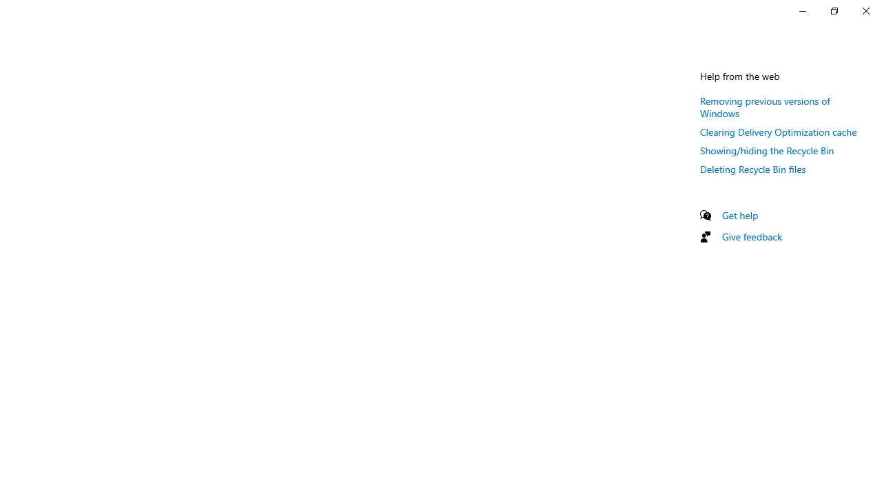 The image size is (882, 496). What do you see at coordinates (752, 168) in the screenshot?
I see `'Deleting Recycle Bin files'` at bounding box center [752, 168].